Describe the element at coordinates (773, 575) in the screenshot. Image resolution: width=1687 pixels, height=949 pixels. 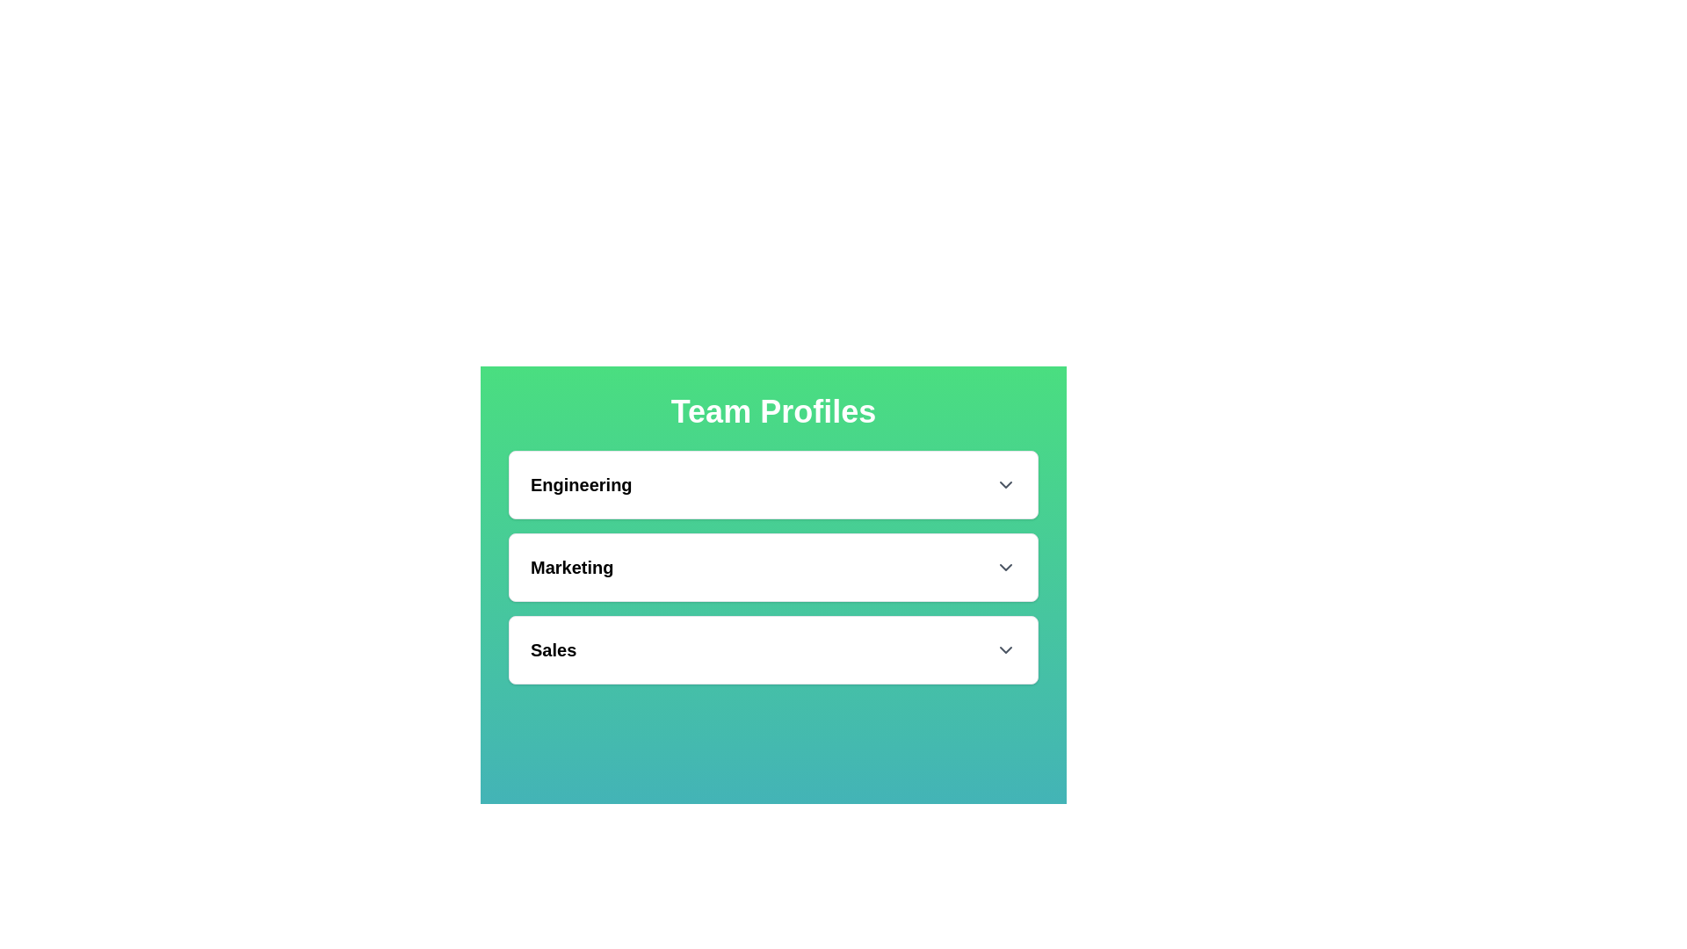
I see `the second dropdown option for the 'Marketing' team located in the 'Team Profiles' section` at that location.